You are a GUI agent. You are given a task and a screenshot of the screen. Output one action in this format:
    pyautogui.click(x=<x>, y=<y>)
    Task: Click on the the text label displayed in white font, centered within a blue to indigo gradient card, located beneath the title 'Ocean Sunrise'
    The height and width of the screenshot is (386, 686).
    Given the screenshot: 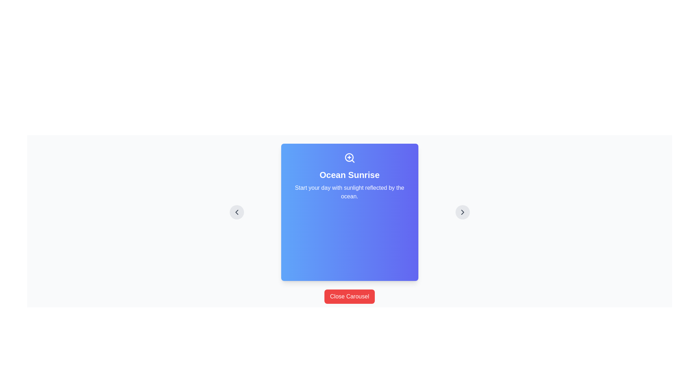 What is the action you would take?
    pyautogui.click(x=349, y=192)
    